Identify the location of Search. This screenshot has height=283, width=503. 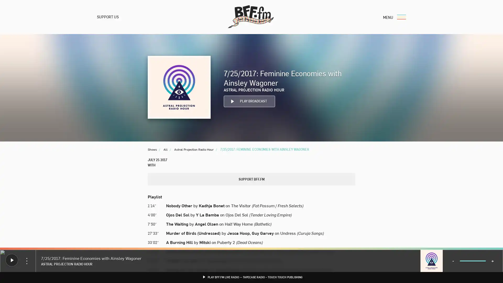
(303, 183).